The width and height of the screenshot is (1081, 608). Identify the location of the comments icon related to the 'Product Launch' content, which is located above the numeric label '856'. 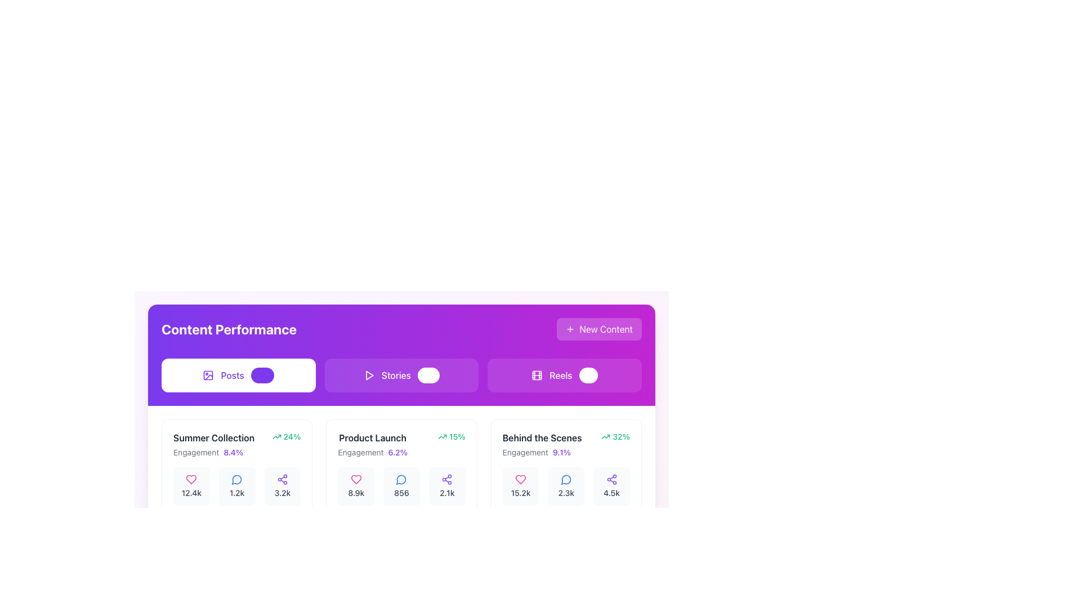
(401, 480).